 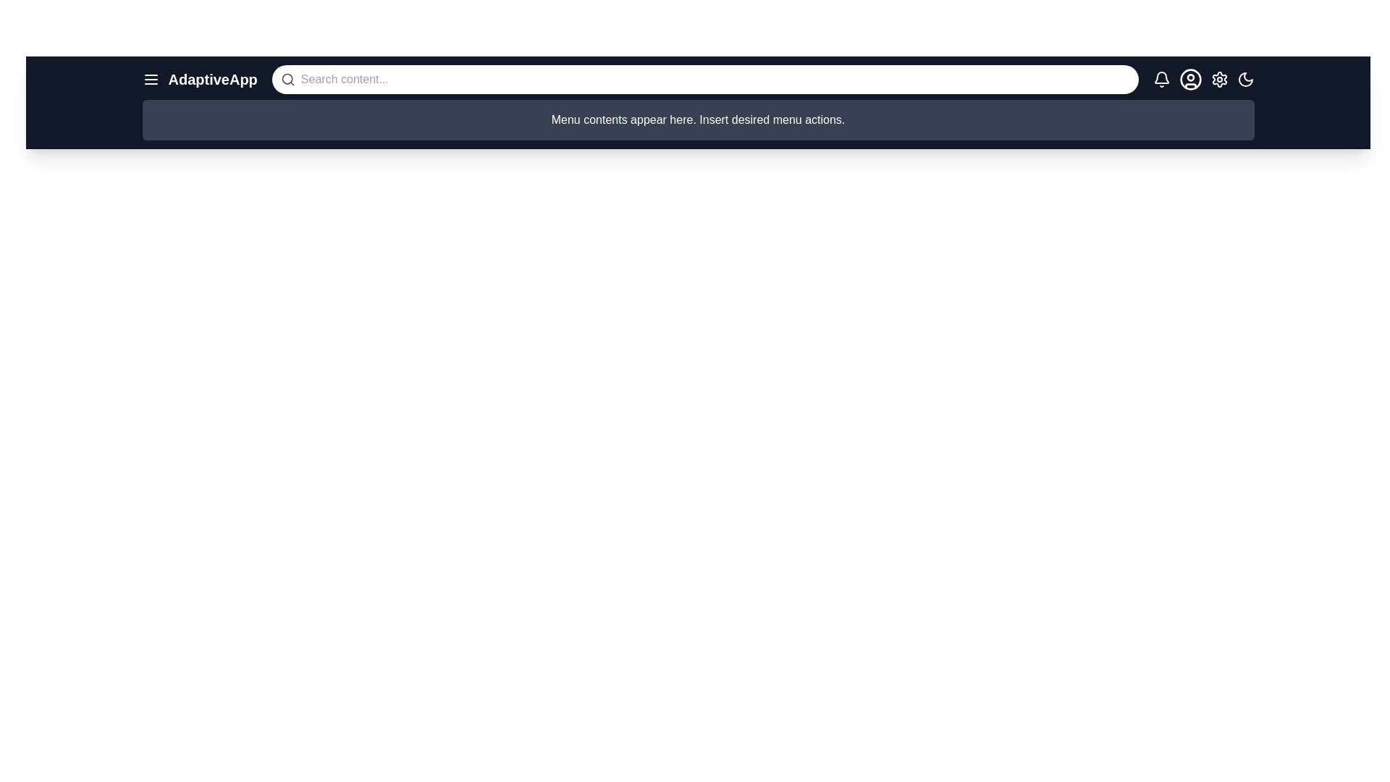 I want to click on the text in the menu content area to select it, so click(x=698, y=119).